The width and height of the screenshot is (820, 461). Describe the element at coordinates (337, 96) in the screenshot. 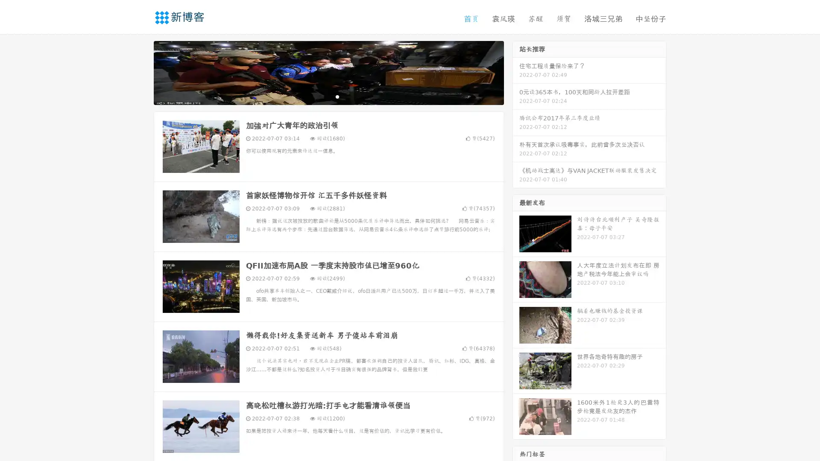

I see `Go to slide 3` at that location.